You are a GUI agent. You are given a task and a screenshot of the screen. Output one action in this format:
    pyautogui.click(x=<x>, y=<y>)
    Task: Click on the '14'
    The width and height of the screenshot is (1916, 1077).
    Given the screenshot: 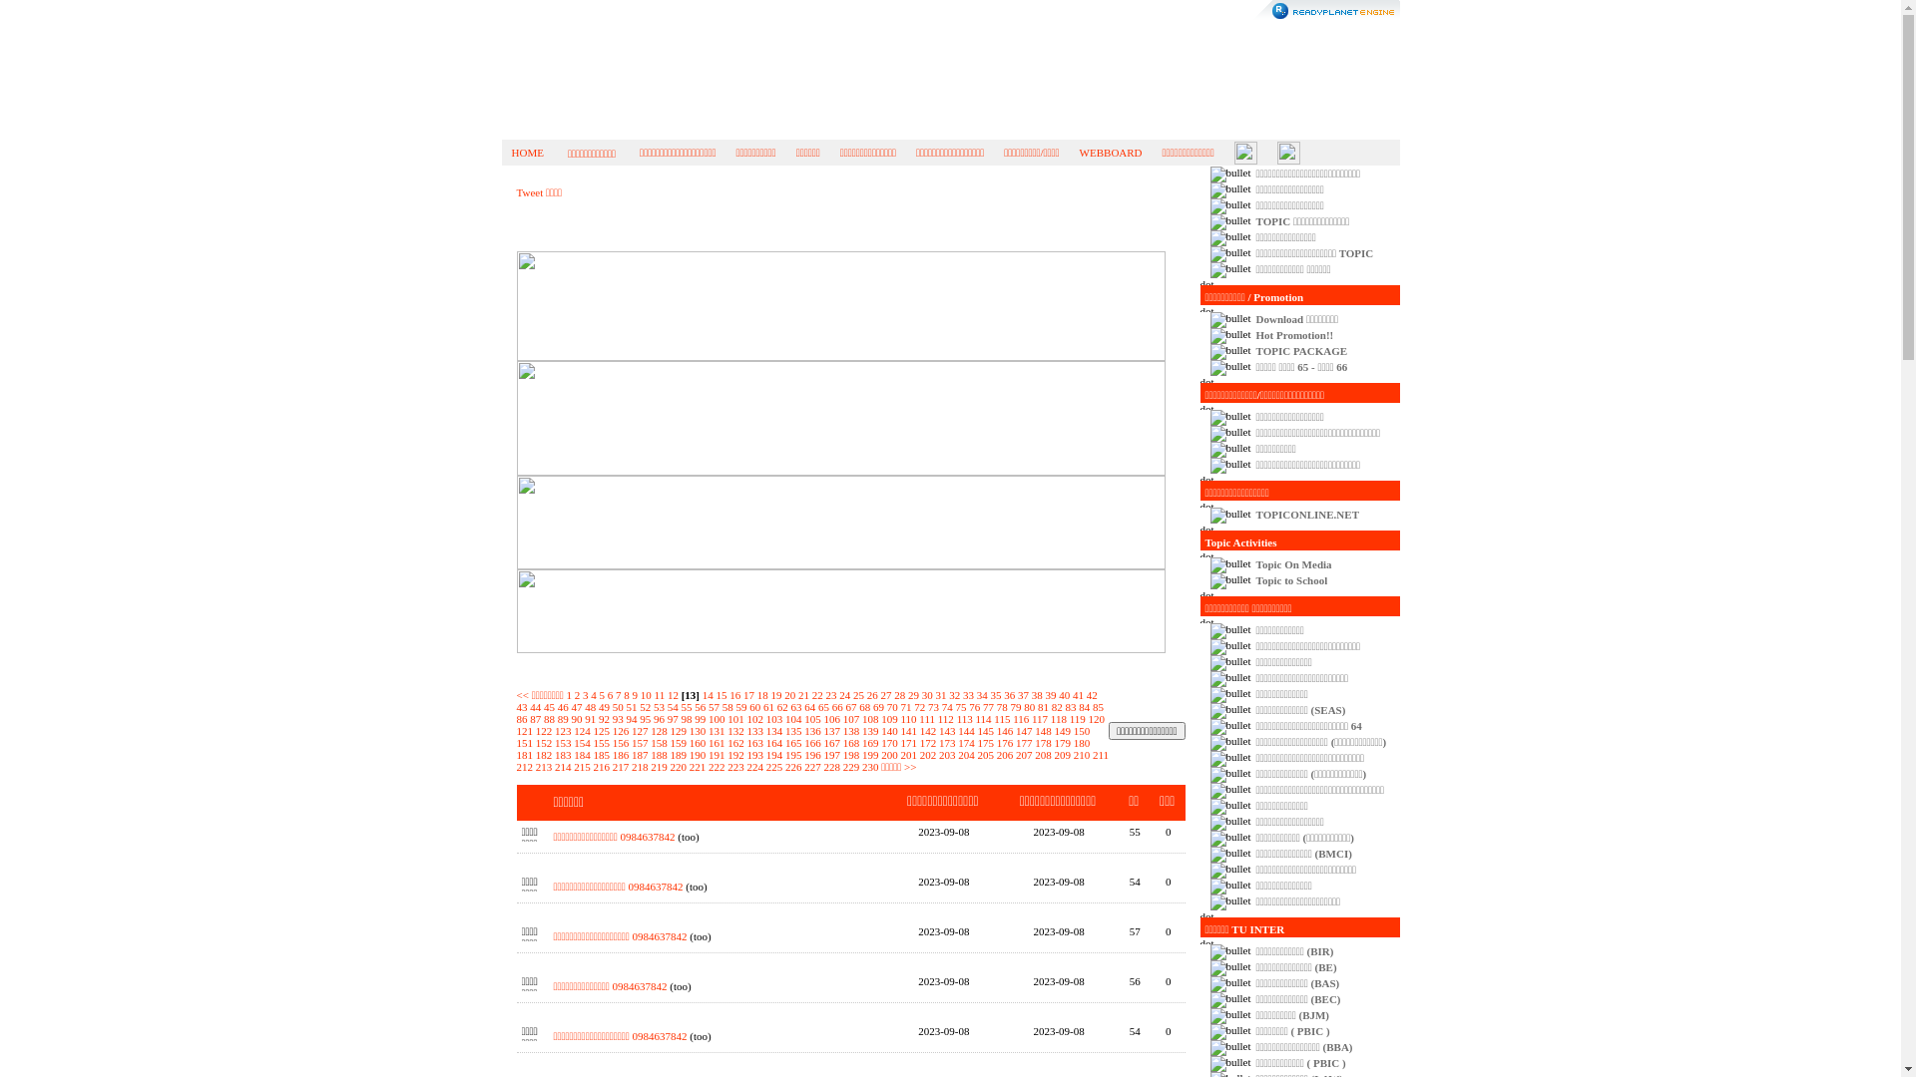 What is the action you would take?
    pyautogui.click(x=708, y=694)
    